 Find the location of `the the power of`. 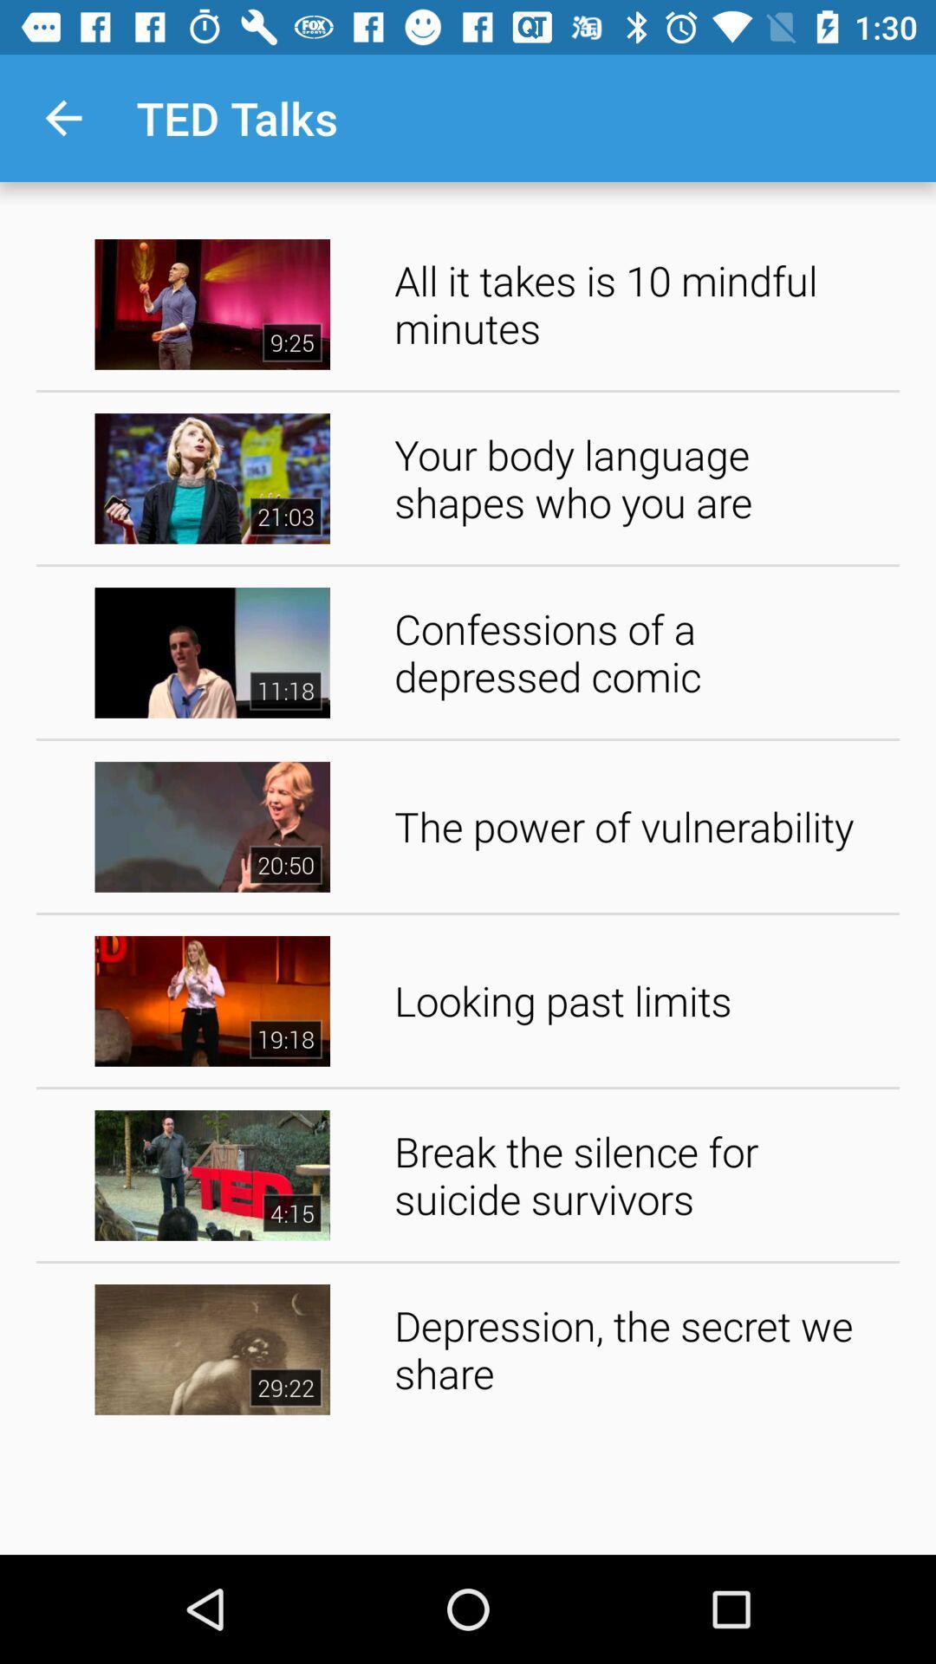

the the power of is located at coordinates (640, 826).